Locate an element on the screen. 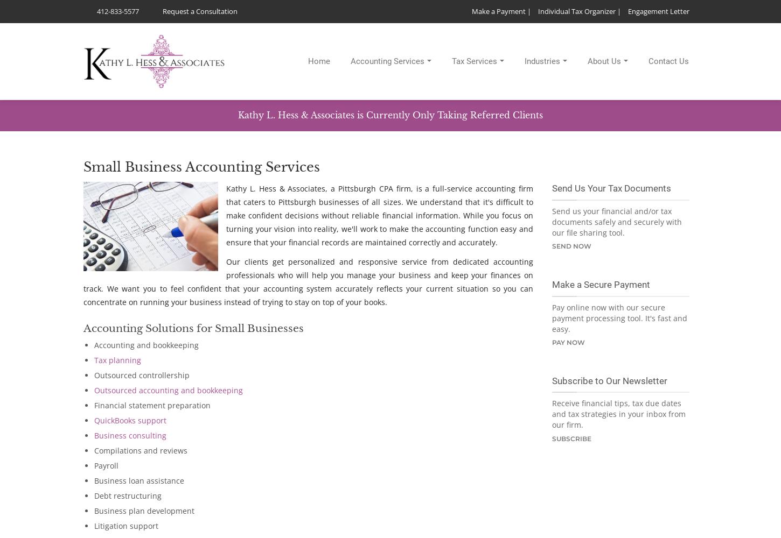 This screenshot has width=781, height=538. 'Make a Payment' is located at coordinates (498, 11).